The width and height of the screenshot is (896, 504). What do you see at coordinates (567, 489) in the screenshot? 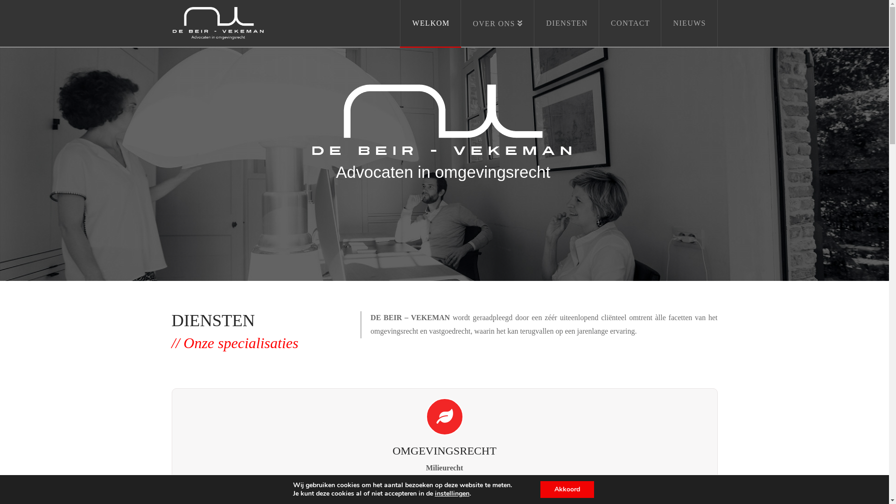
I see `'Akkoord'` at bounding box center [567, 489].